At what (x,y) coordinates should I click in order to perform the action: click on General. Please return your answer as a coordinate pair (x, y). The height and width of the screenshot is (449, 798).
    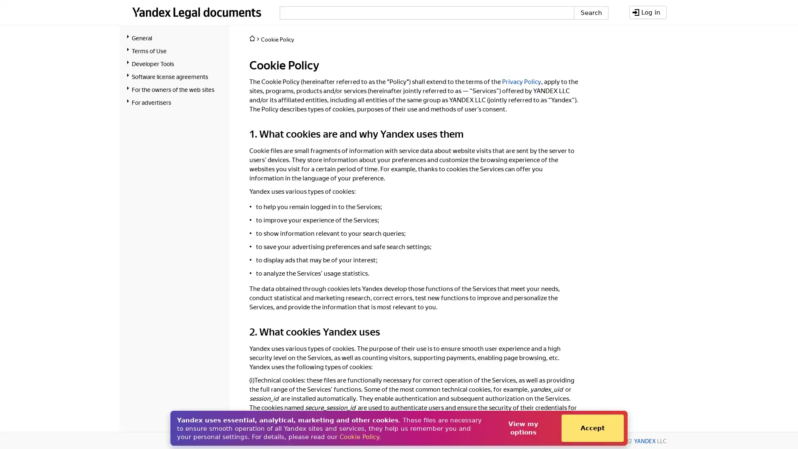
    Looking at the image, I should click on (174, 37).